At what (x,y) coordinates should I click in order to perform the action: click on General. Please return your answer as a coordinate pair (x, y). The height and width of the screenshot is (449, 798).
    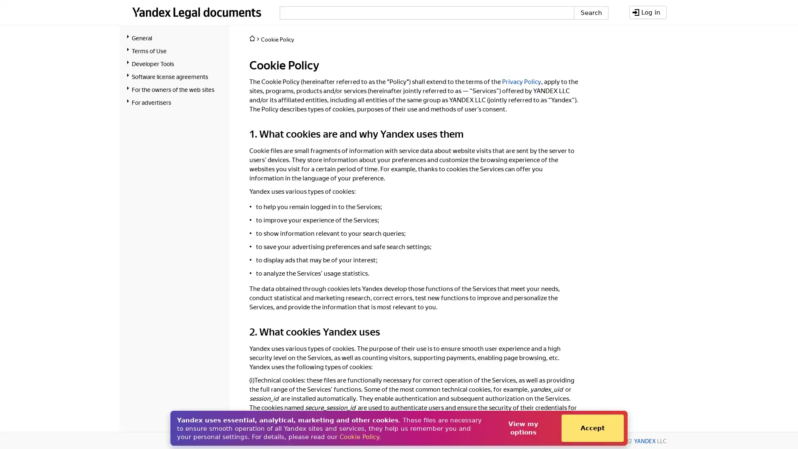
    Looking at the image, I should click on (174, 37).